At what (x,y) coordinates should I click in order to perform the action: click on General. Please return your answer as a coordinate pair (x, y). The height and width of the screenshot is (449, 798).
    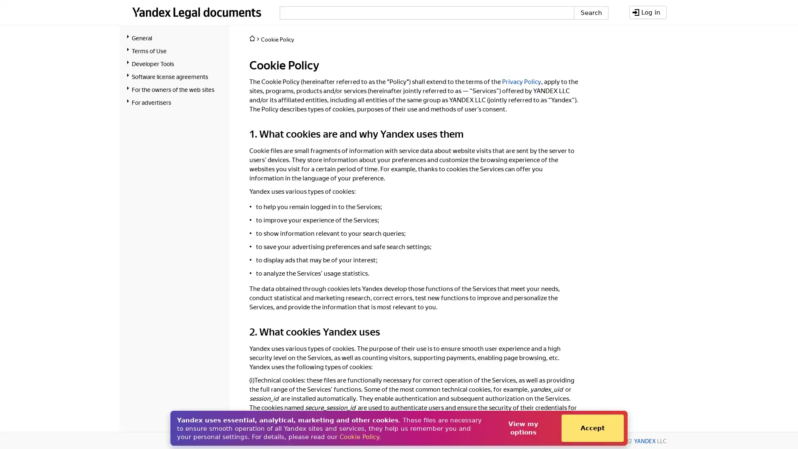
    Looking at the image, I should click on (174, 37).